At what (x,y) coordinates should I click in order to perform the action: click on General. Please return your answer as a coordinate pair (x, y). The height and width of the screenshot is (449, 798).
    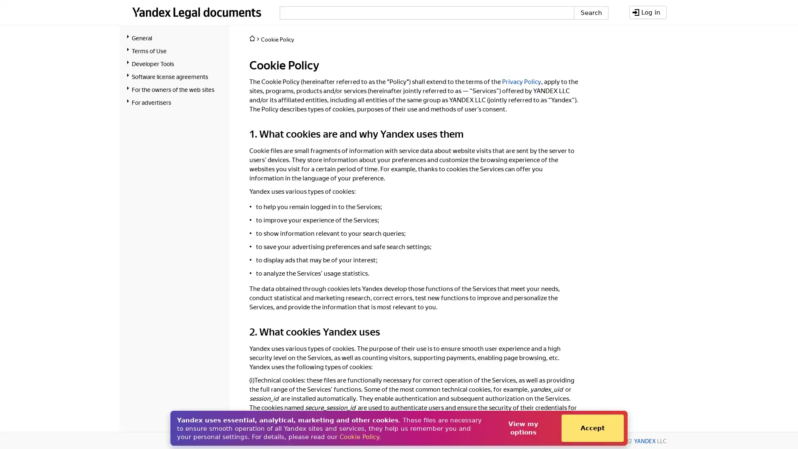
    Looking at the image, I should click on (174, 37).